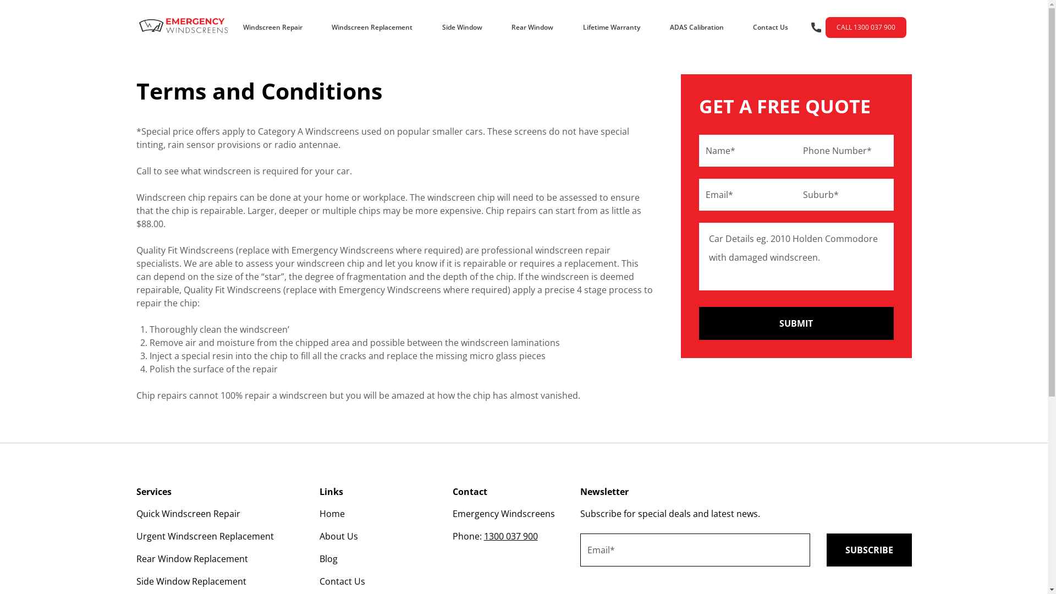 This screenshot has height=594, width=1056. Describe the element at coordinates (611, 27) in the screenshot. I see `'Lifetime Warranty'` at that location.